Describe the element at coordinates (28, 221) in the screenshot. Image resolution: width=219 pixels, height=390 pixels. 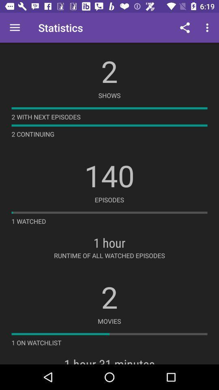
I see `the 1 watched icon` at that location.